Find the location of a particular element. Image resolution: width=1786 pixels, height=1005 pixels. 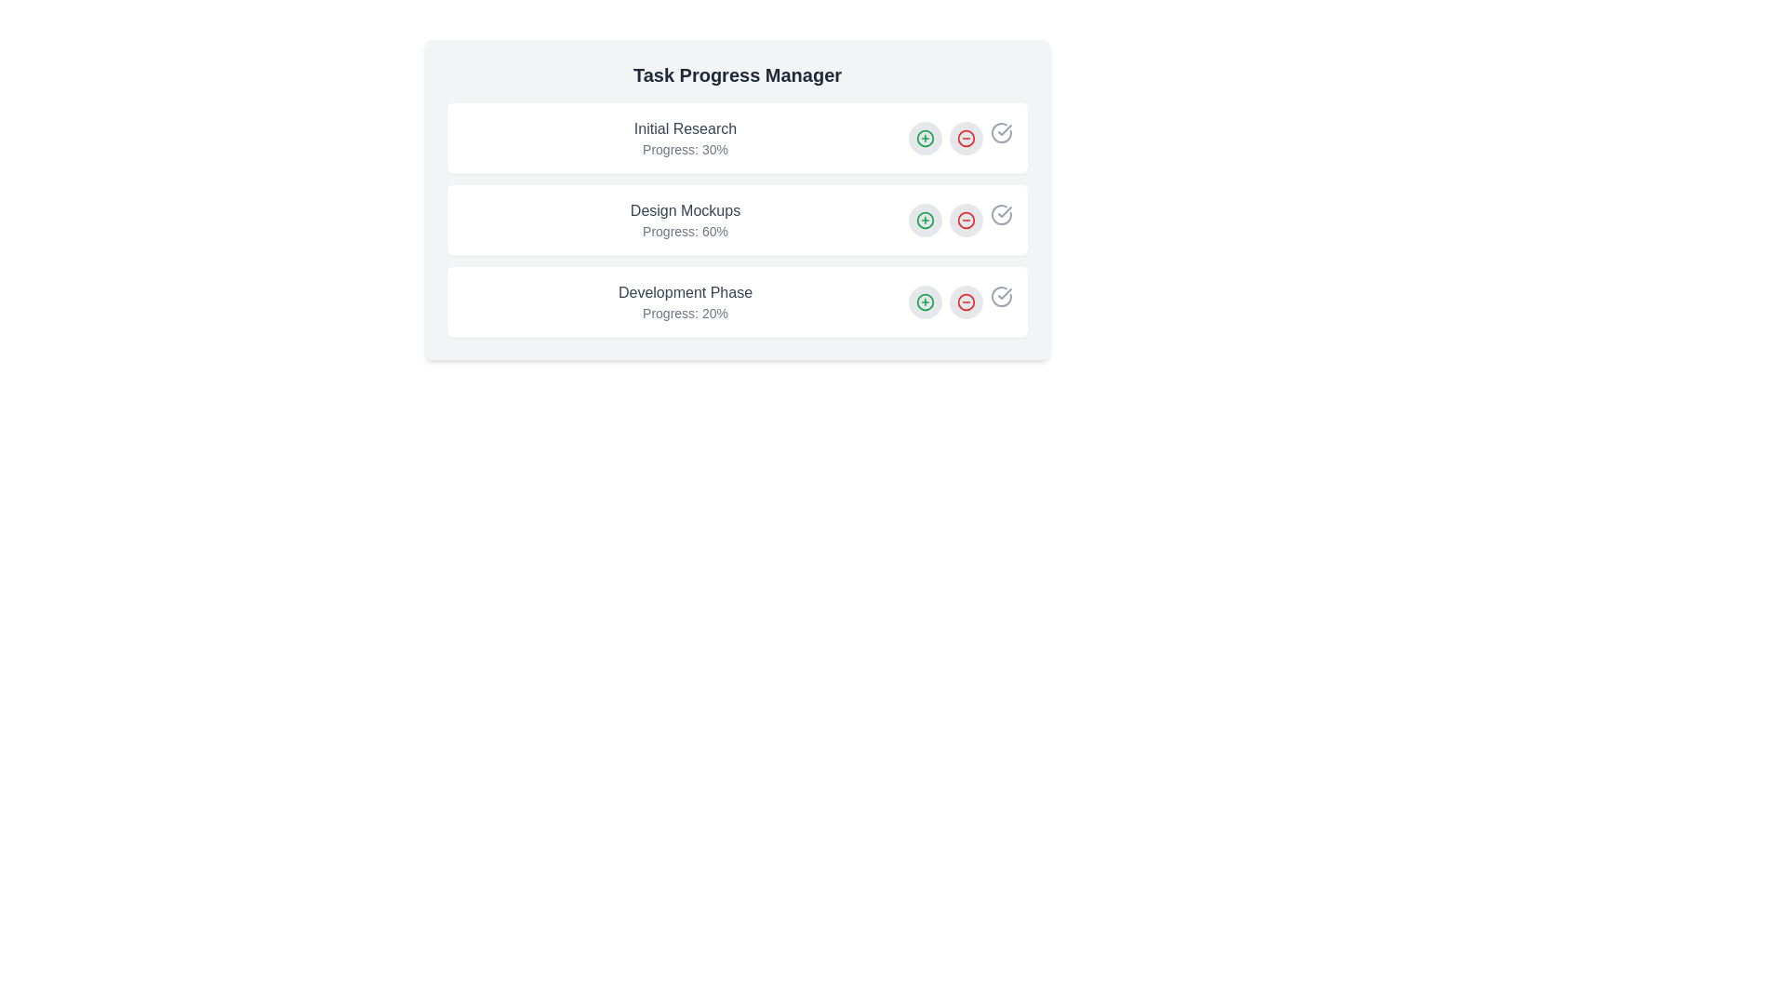

text content of the textual label displaying 'Development Phase' and 'Progress: 20%' located in the third row of the task cards is located at coordinates (685, 301).